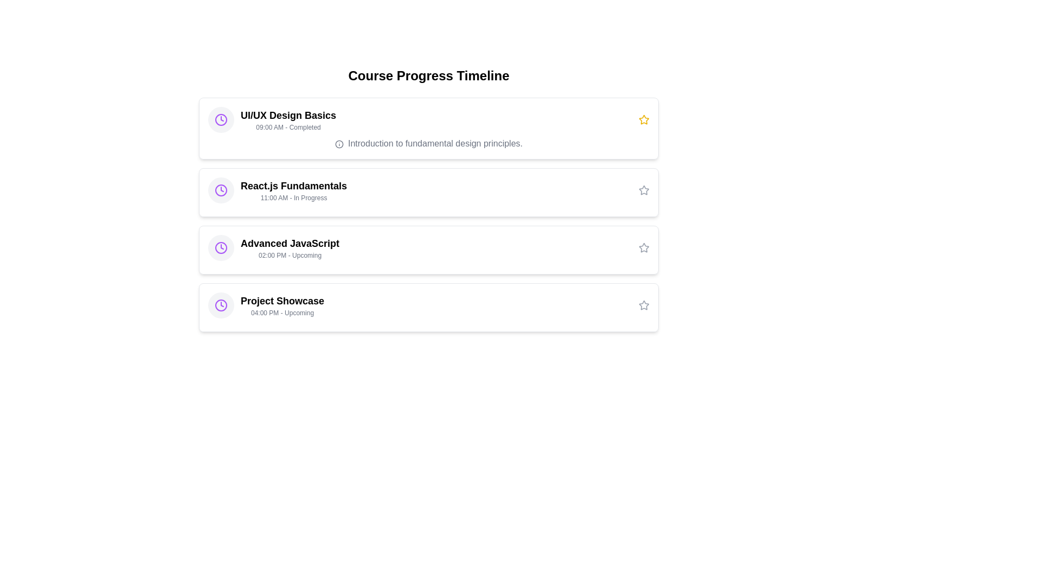 The image size is (1041, 586). Describe the element at coordinates (288, 127) in the screenshot. I see `the static text that informs the user of the scheduled time and completion status of the 'UI/UX Design Basics' course, located below the title text within the first card of the courses list` at that location.